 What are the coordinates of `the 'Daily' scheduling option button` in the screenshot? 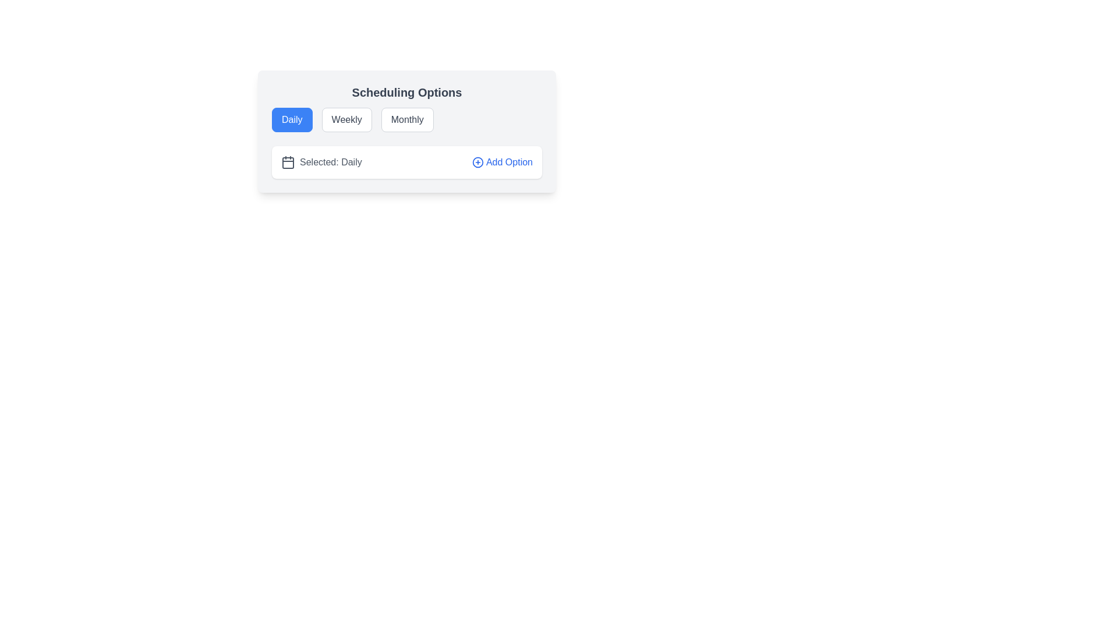 It's located at (292, 119).